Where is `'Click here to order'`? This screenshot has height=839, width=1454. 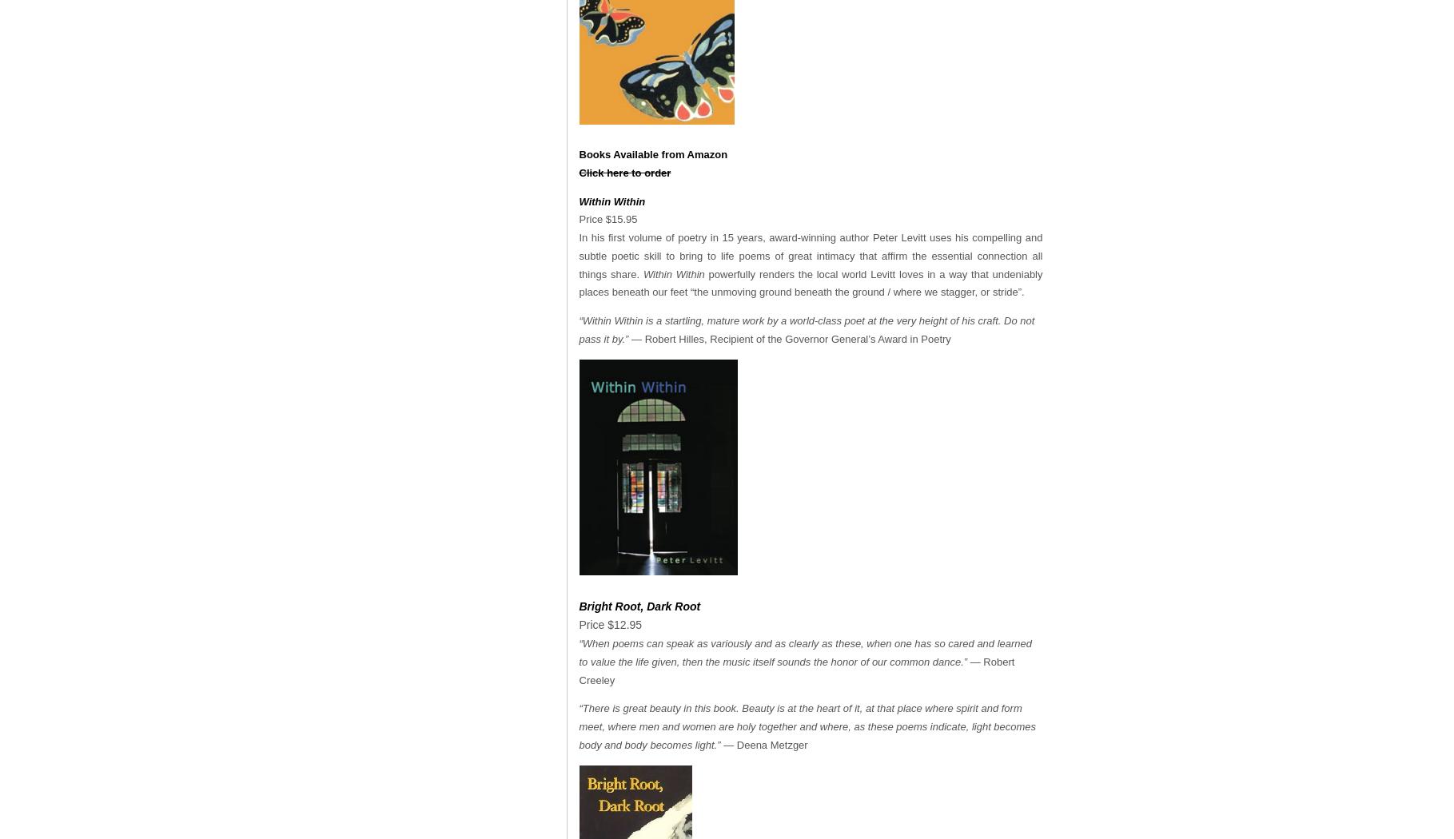
'Click here to order' is located at coordinates (624, 171).